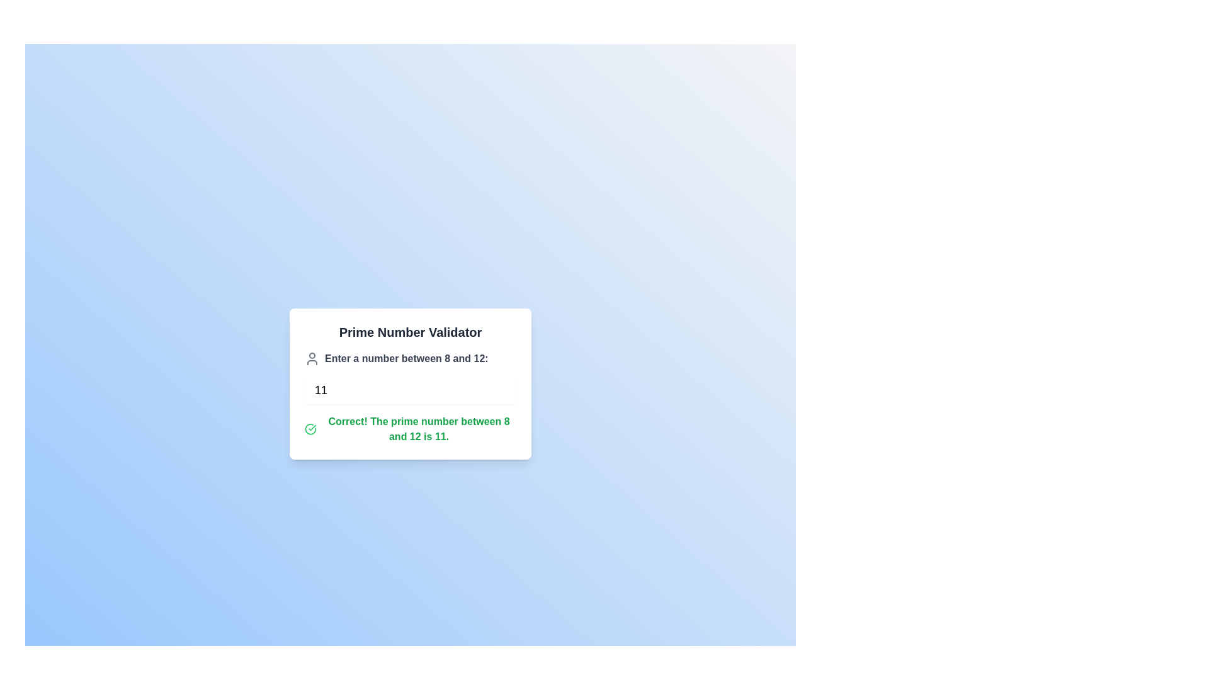  I want to click on the green checkmark icon enclosed in a circular shape, which indicates a successful action, located centrally below the primary input field, so click(310, 429).